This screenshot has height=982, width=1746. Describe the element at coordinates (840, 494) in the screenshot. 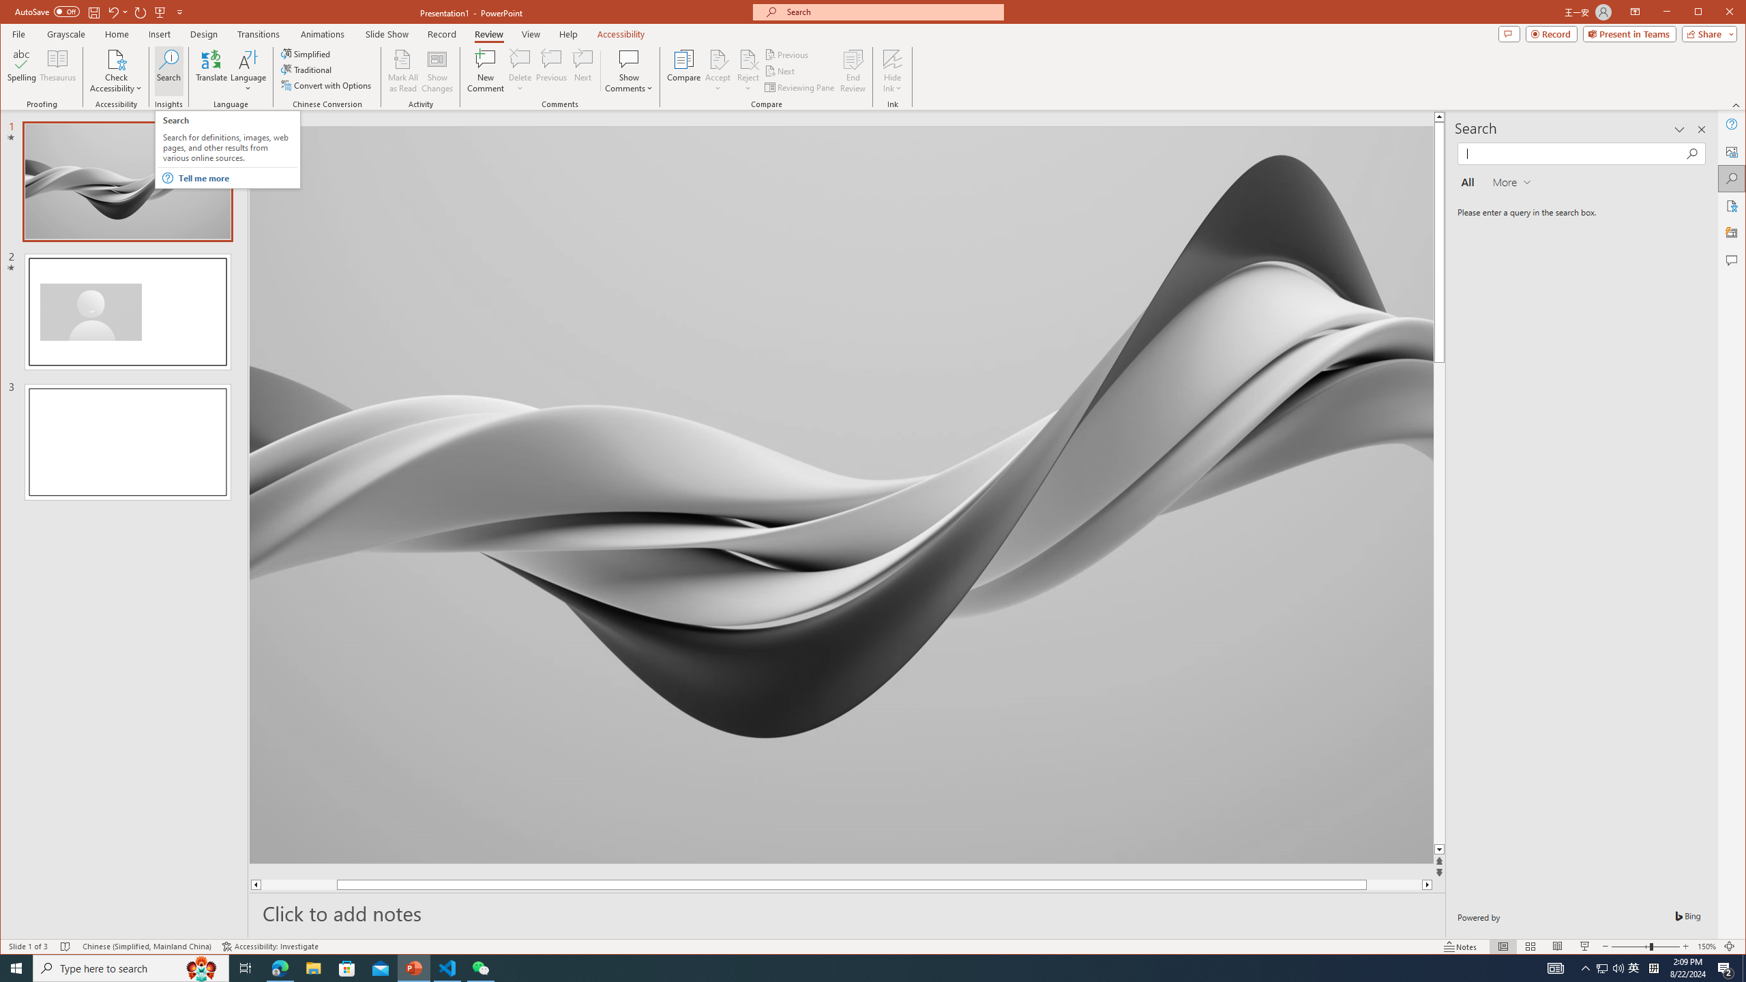

I see `'Wavy 3D art'` at that location.